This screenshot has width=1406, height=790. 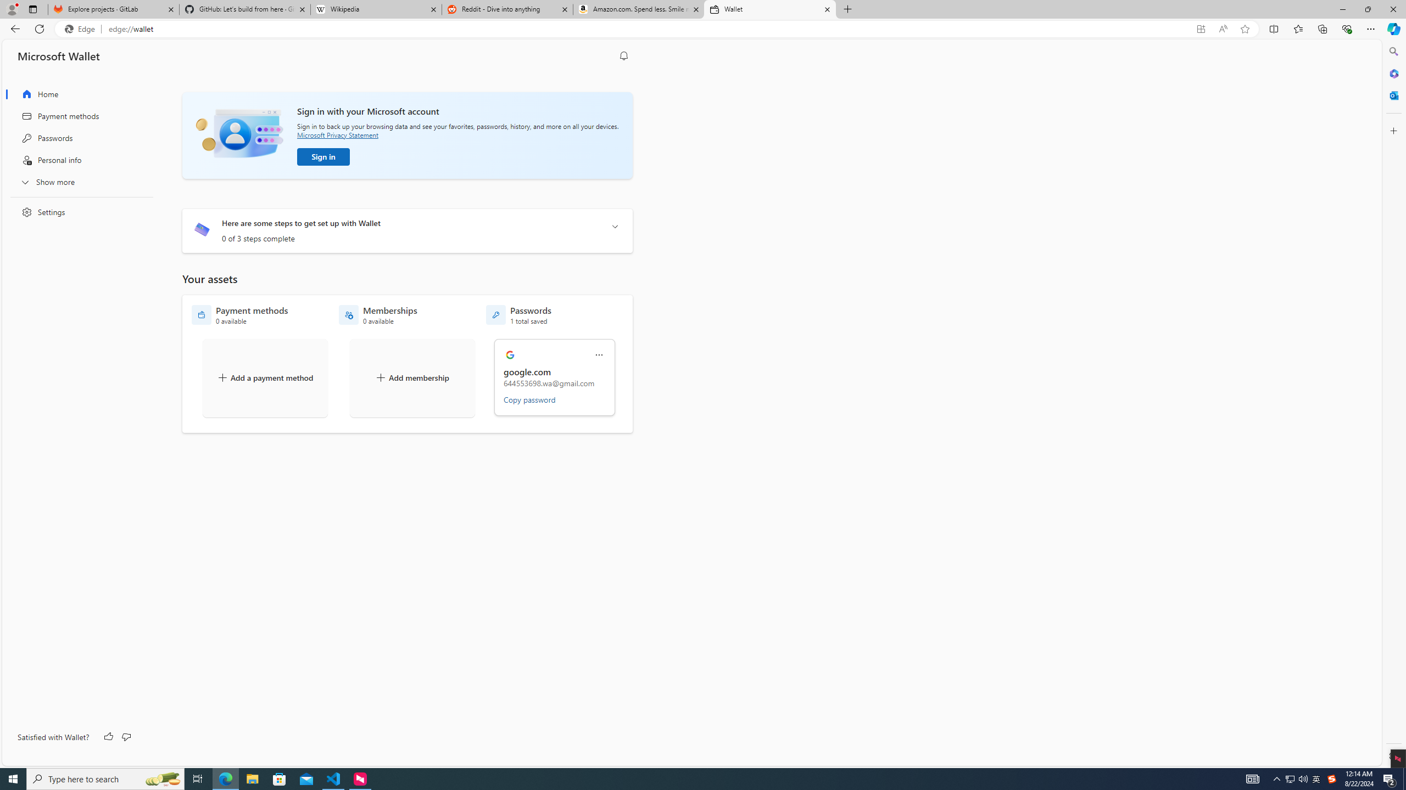 What do you see at coordinates (78, 181) in the screenshot?
I see `'Show more'` at bounding box center [78, 181].